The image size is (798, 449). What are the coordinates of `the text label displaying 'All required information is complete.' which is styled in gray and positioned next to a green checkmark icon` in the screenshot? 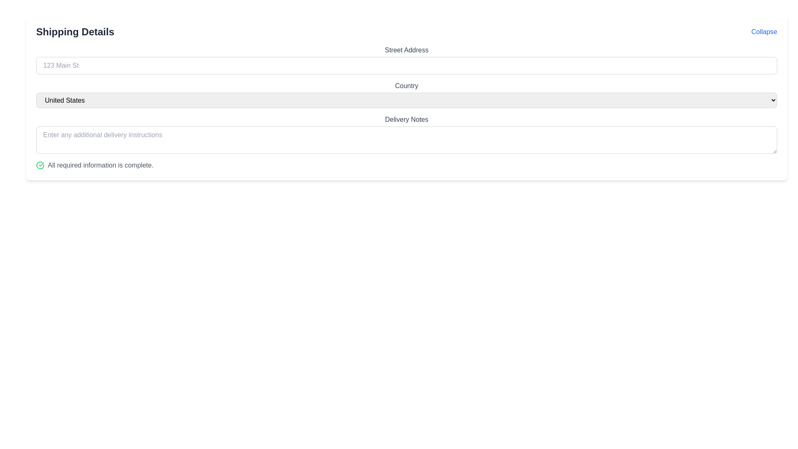 It's located at (100, 165).